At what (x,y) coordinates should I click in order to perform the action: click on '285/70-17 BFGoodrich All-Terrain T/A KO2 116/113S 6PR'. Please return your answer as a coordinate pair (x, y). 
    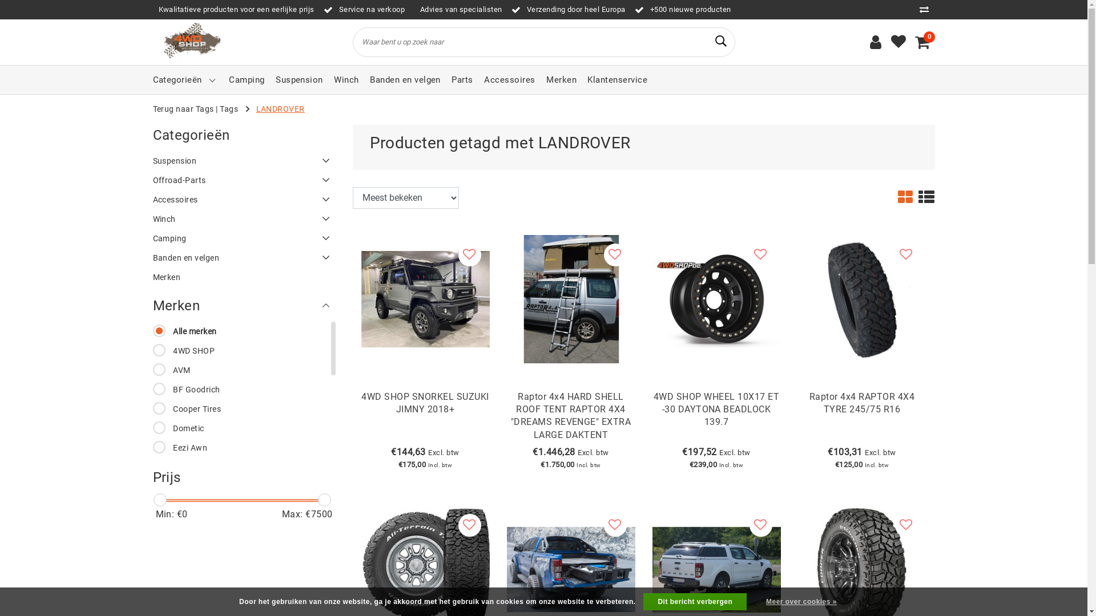
    Looking at the image, I should click on (424, 568).